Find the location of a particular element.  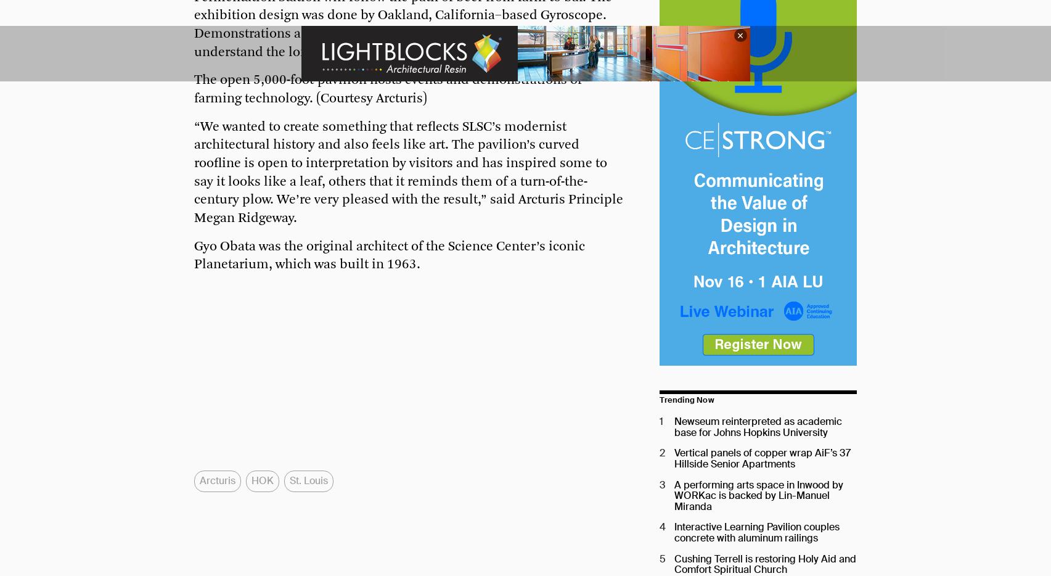

'HOK' is located at coordinates (261, 480).